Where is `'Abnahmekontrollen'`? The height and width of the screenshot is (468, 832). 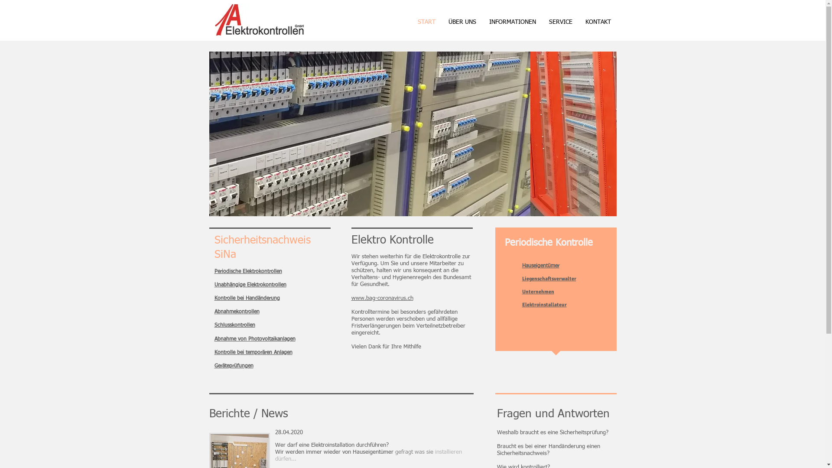
'Abnahmekontrollen' is located at coordinates (237, 312).